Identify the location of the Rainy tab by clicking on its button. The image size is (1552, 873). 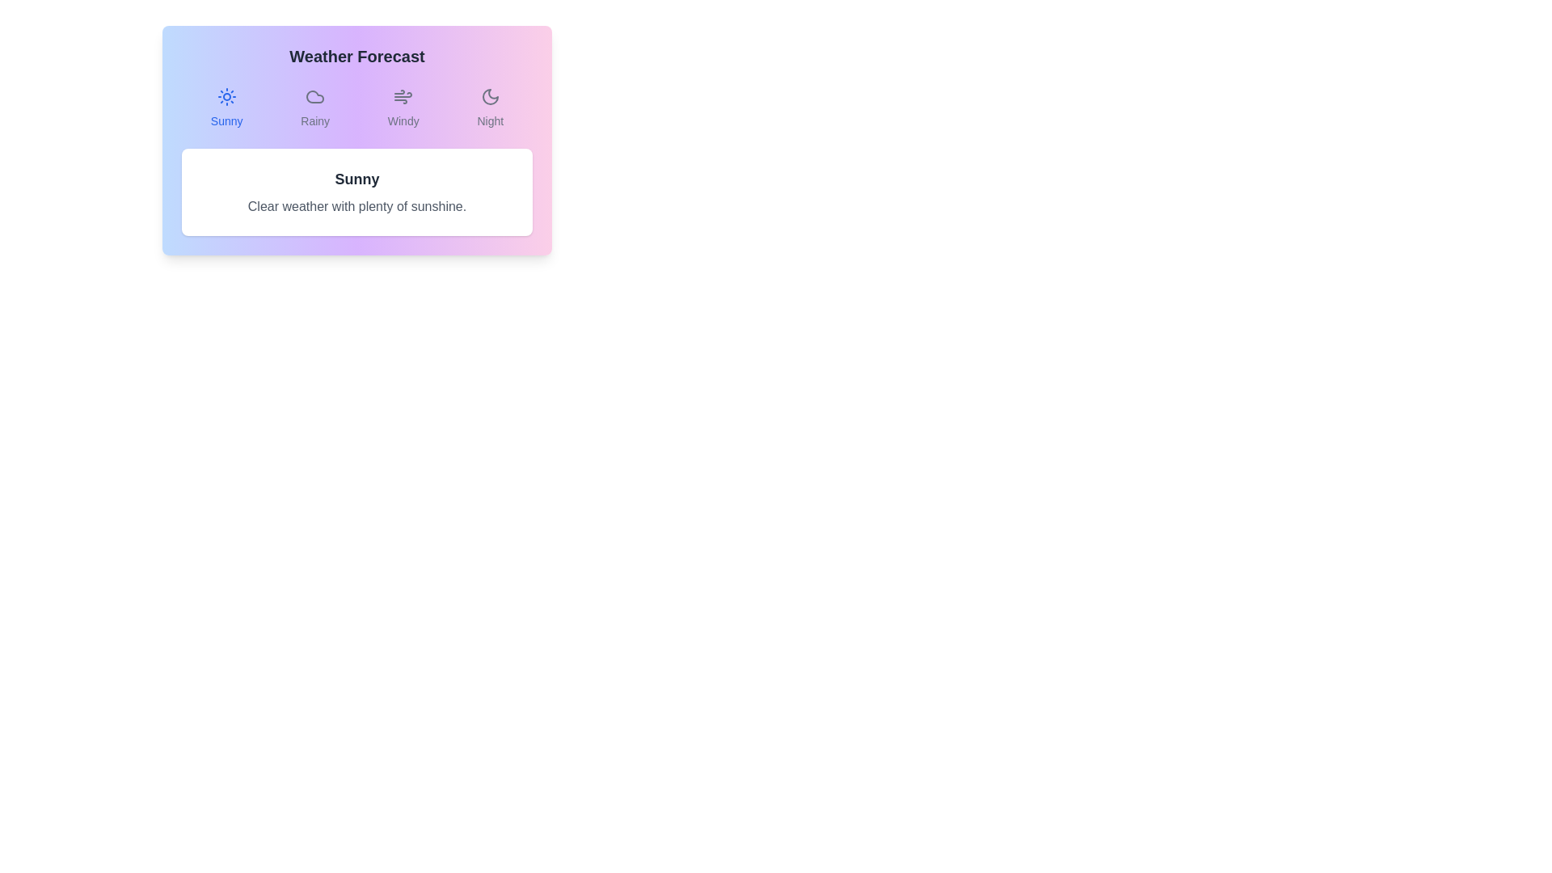
(315, 108).